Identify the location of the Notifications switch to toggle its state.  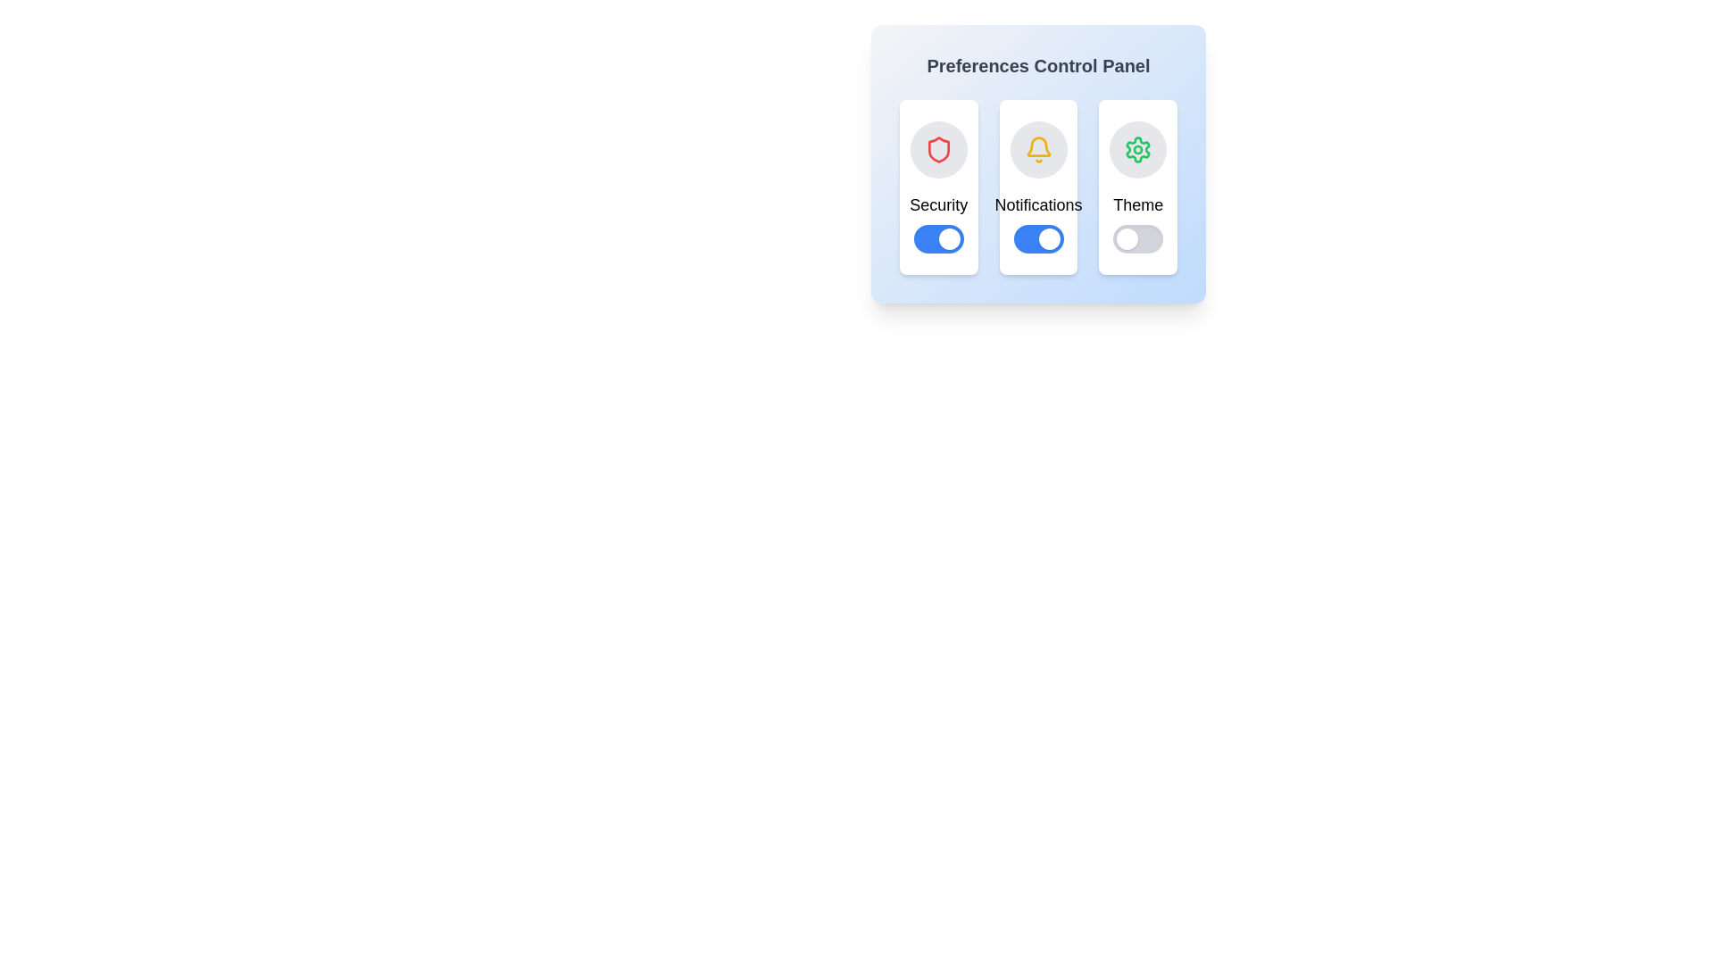
(1038, 237).